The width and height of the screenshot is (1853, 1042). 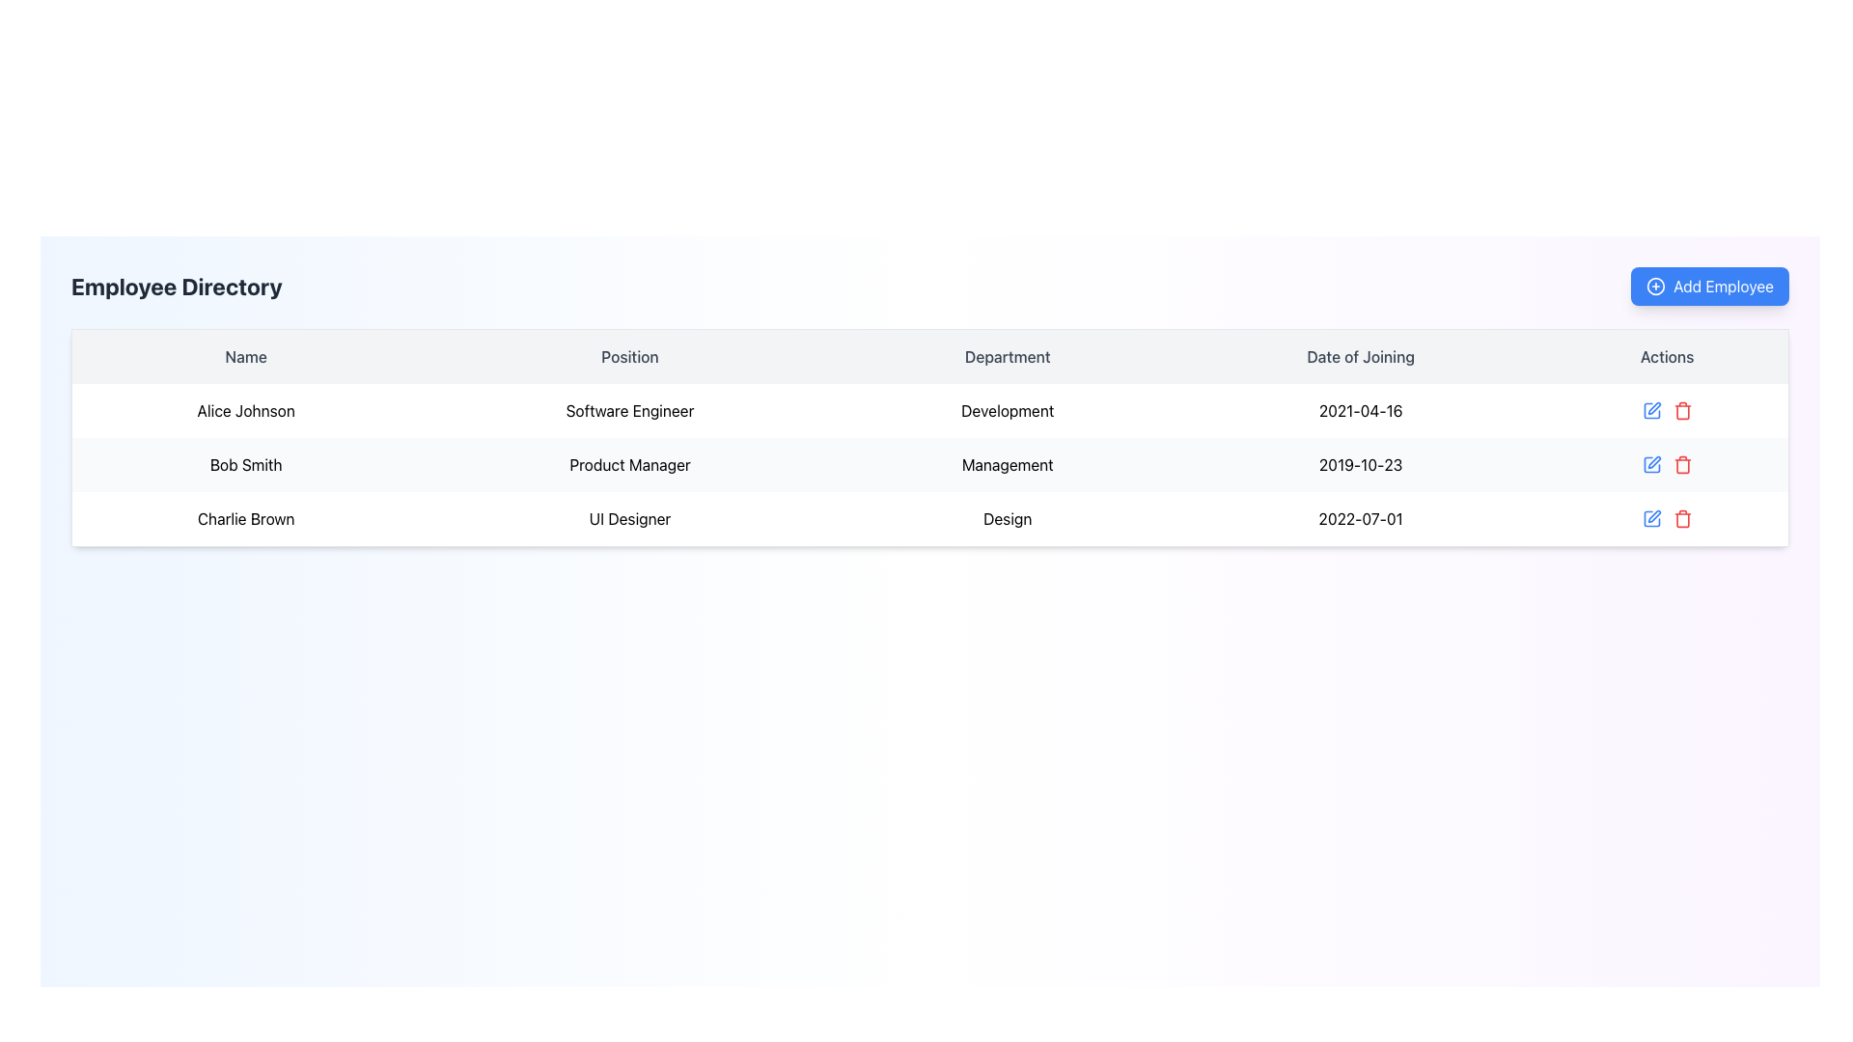 What do you see at coordinates (629, 409) in the screenshot?
I see `displayed text 'Software Engineer' from the text label styled with padding and centered alignment, located in the second cell of the 'Position' column in the first row of a grid layout` at bounding box center [629, 409].